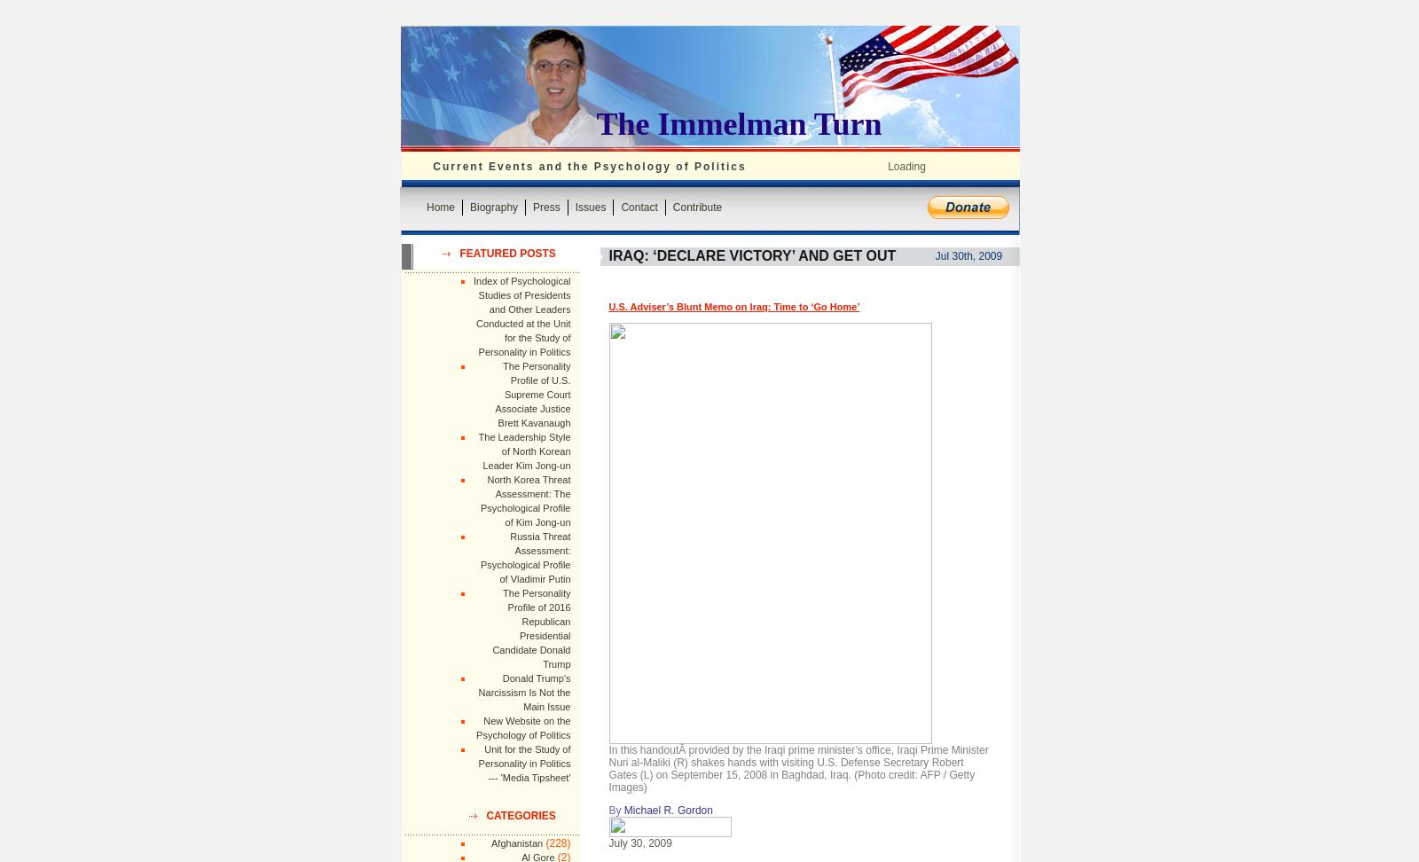 Image resolution: width=1419 pixels, height=862 pixels. What do you see at coordinates (492, 206) in the screenshot?
I see `'Biography'` at bounding box center [492, 206].